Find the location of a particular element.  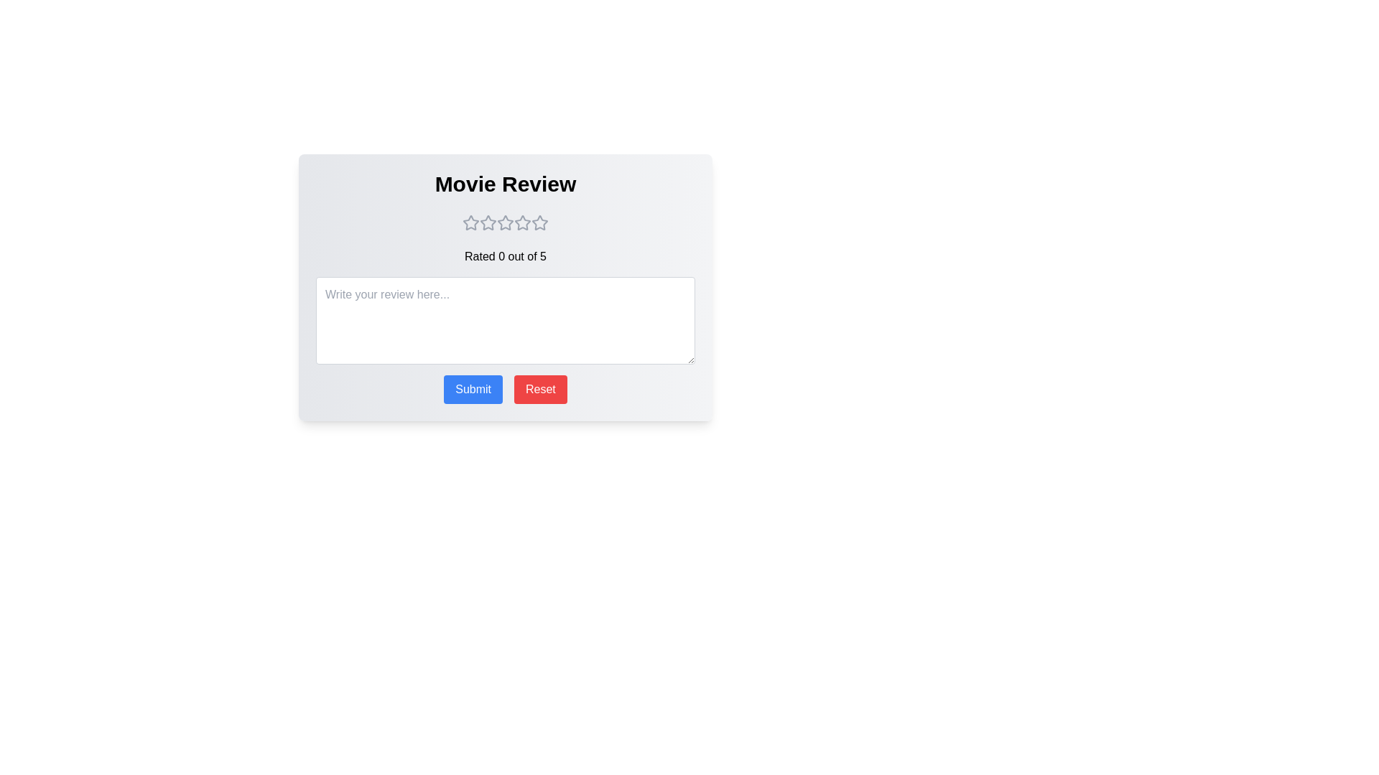

the movie rating to 3 stars by clicking on the corresponding star is located at coordinates (506, 223).